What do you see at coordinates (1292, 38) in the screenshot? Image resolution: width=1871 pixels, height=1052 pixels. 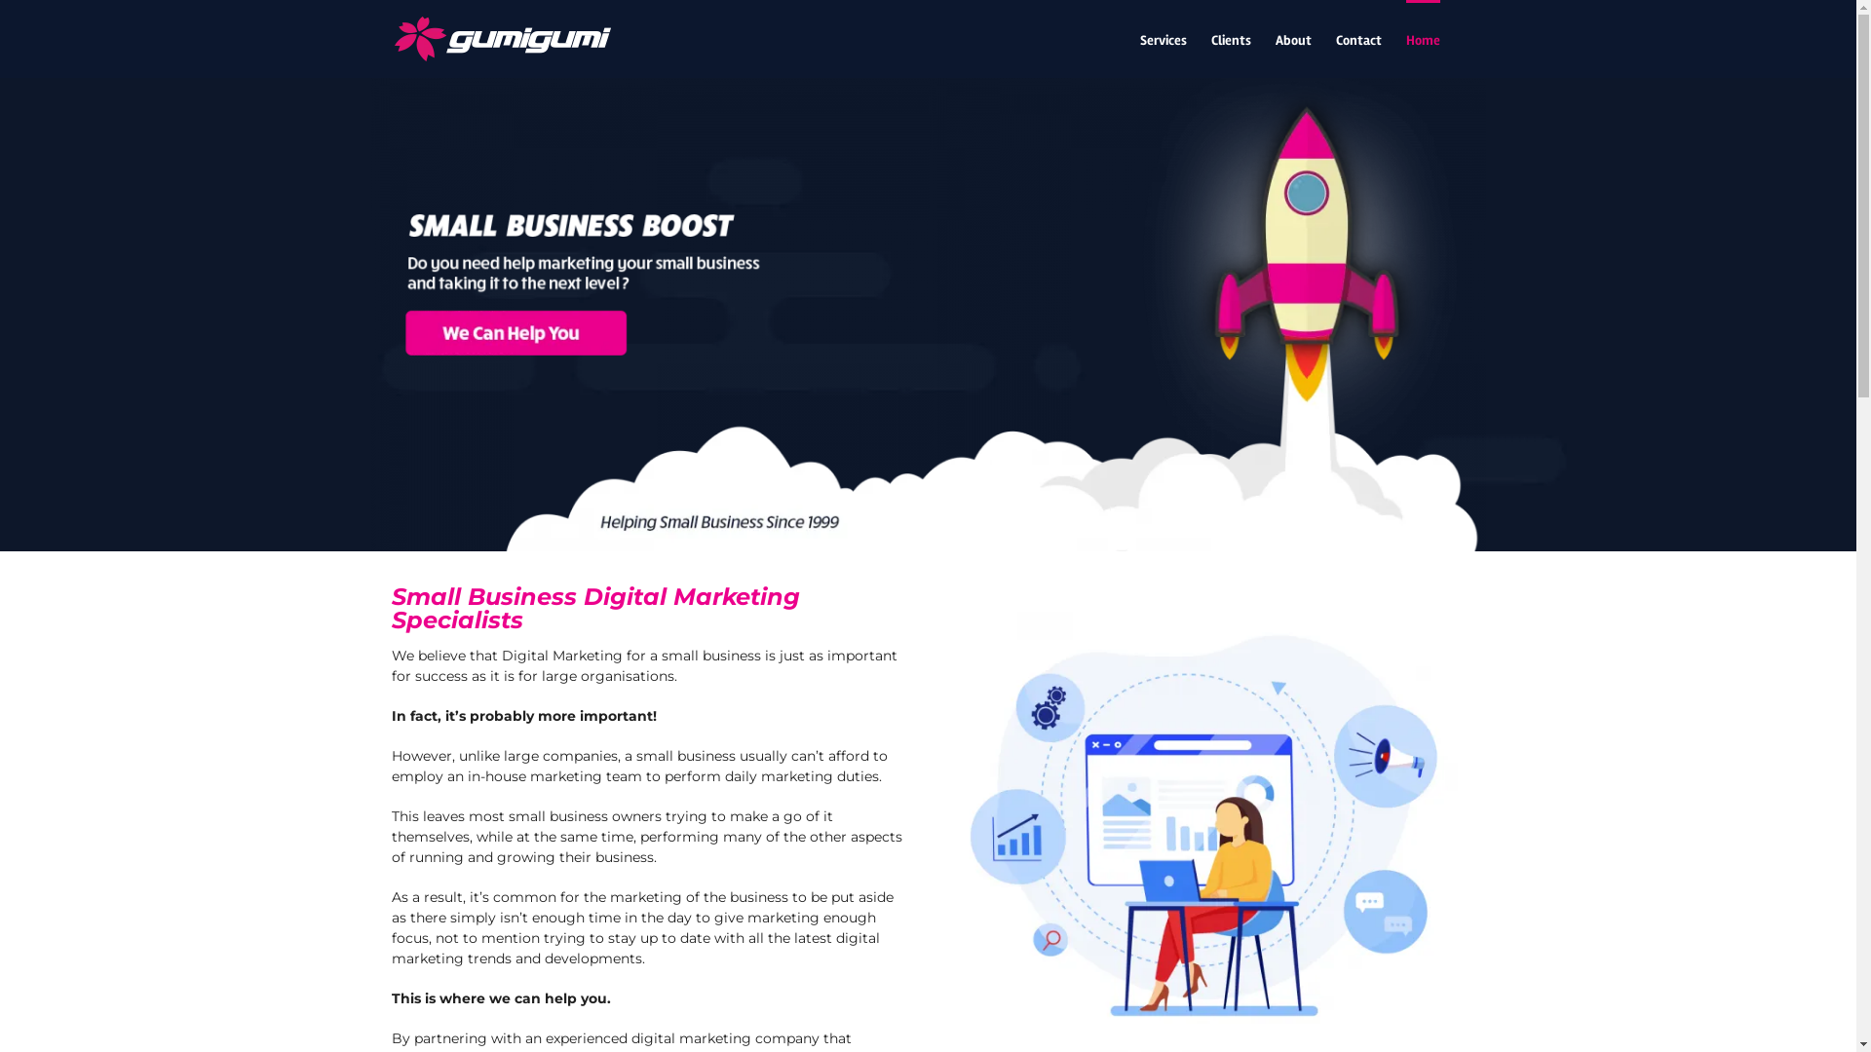 I see `'About'` at bounding box center [1292, 38].